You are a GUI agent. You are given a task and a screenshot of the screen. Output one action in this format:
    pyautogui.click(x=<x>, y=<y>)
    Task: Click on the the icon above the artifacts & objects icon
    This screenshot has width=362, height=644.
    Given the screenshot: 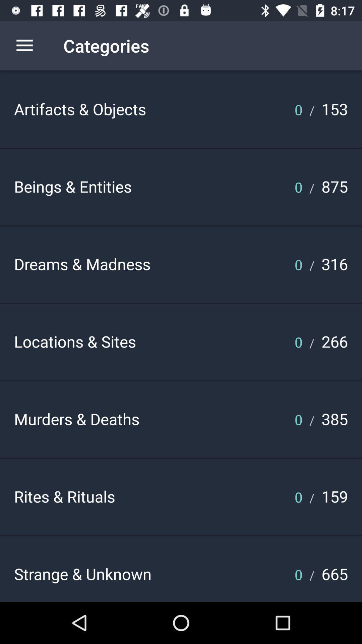 What is the action you would take?
    pyautogui.click(x=24, y=45)
    